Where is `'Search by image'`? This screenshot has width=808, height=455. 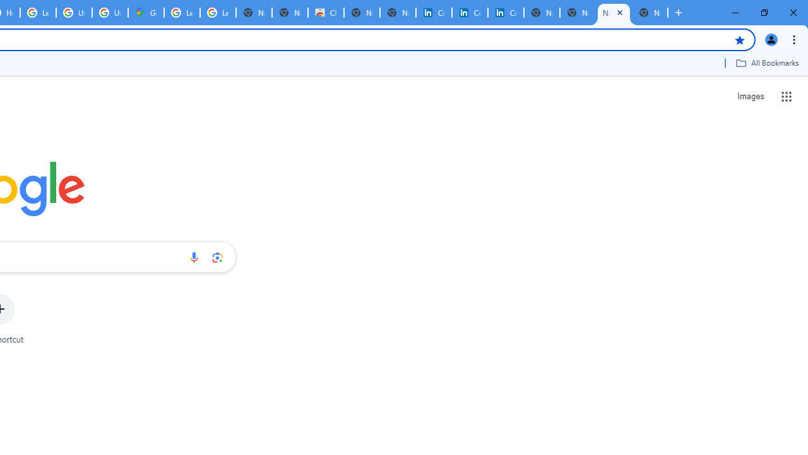
'Search by image' is located at coordinates (217, 257).